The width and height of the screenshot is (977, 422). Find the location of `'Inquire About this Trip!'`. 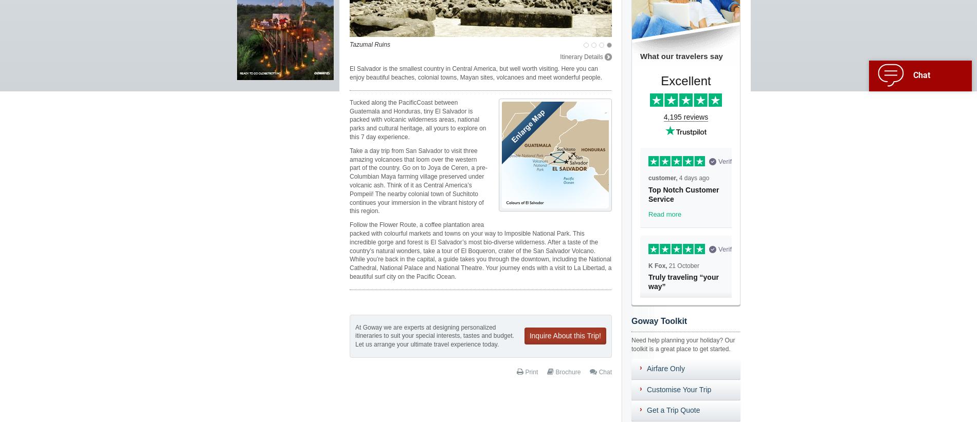

'Inquire About this Trip!' is located at coordinates (565, 335).